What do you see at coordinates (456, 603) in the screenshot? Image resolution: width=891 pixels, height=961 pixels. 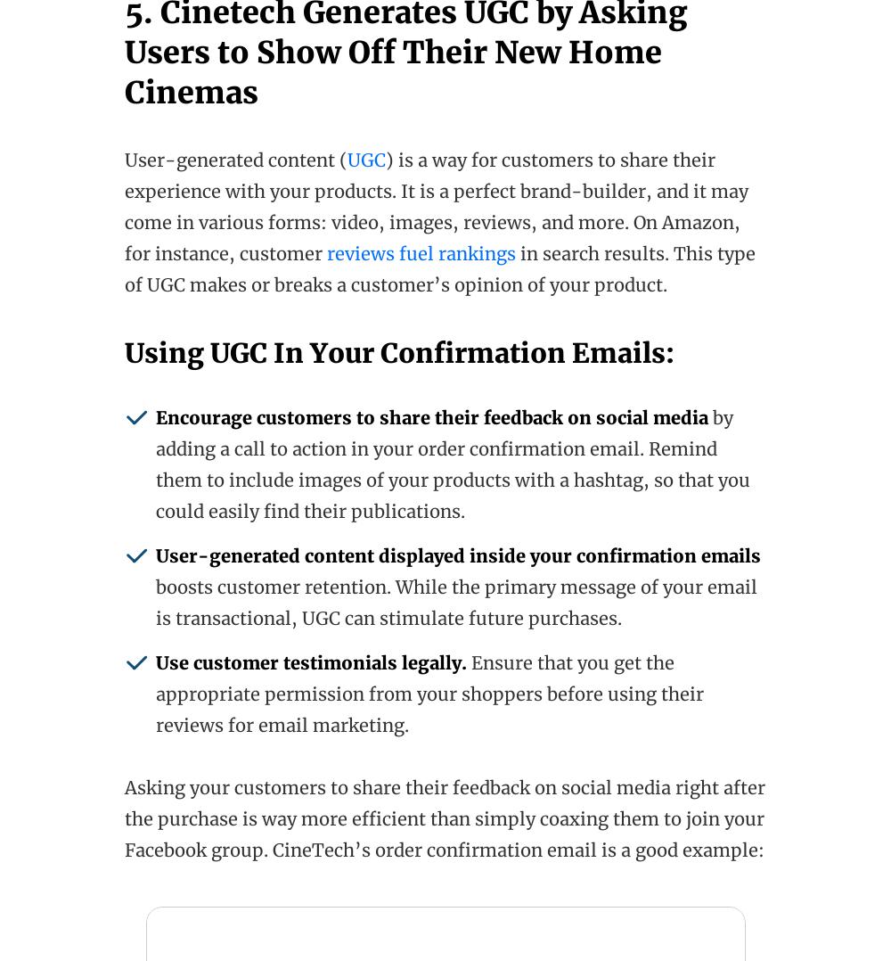 I see `'While the primary message of your email is transactional, UGC can stimulate future purchases.'` at bounding box center [456, 603].